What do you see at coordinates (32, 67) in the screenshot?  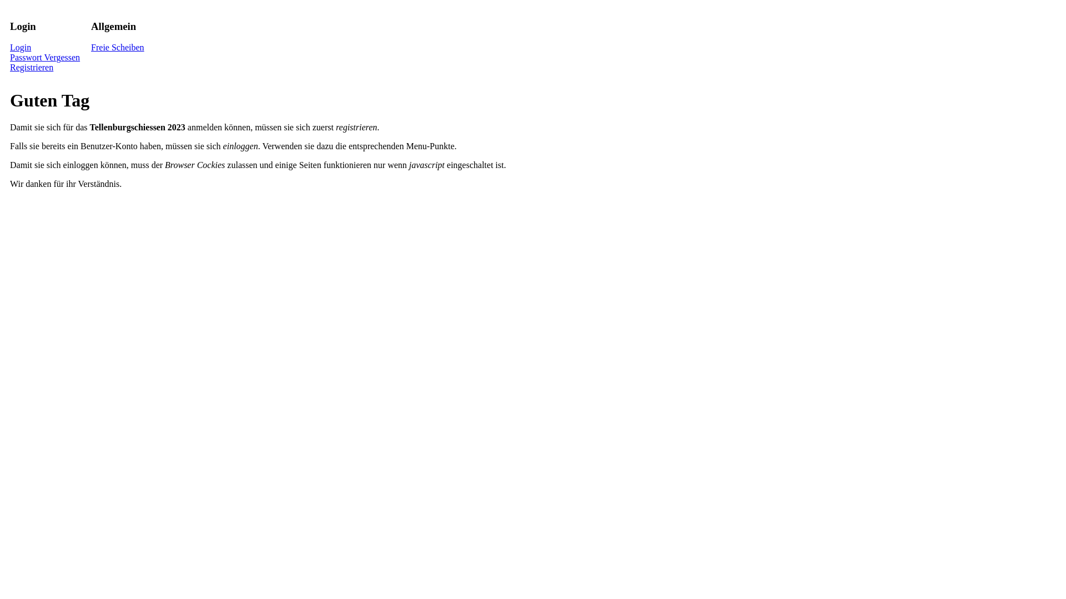 I see `'Registrieren'` at bounding box center [32, 67].